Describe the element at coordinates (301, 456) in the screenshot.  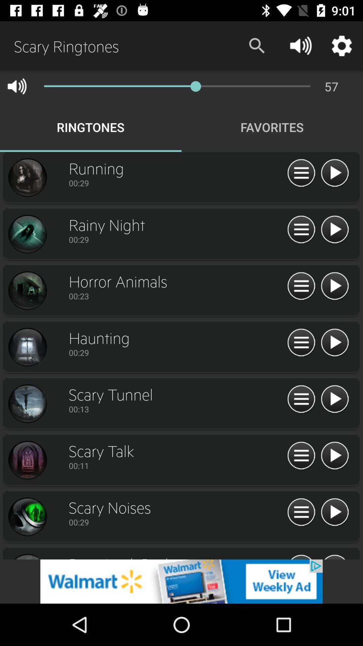
I see `open your favorites` at that location.